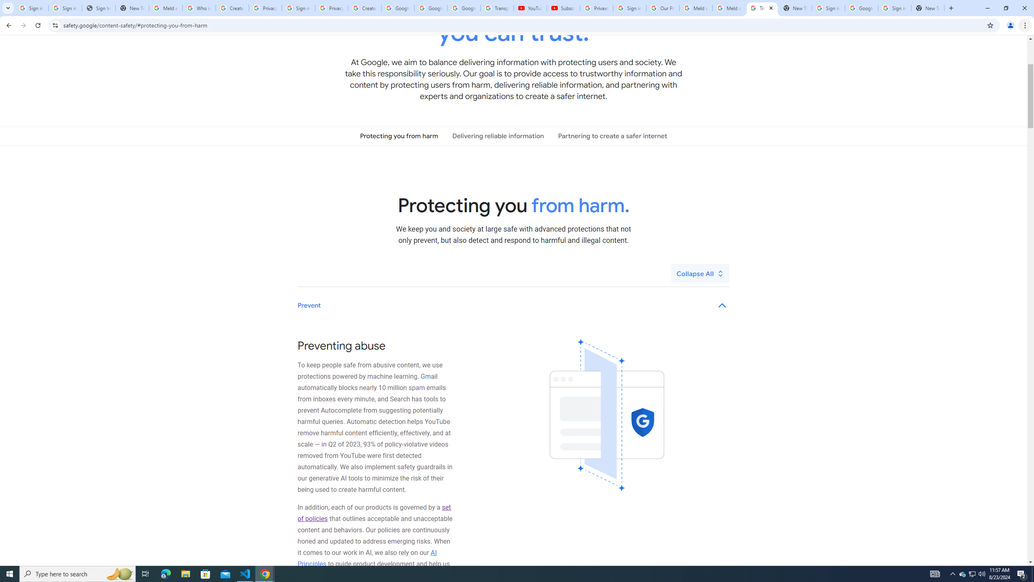  I want to click on 'New Tab', so click(927, 8).